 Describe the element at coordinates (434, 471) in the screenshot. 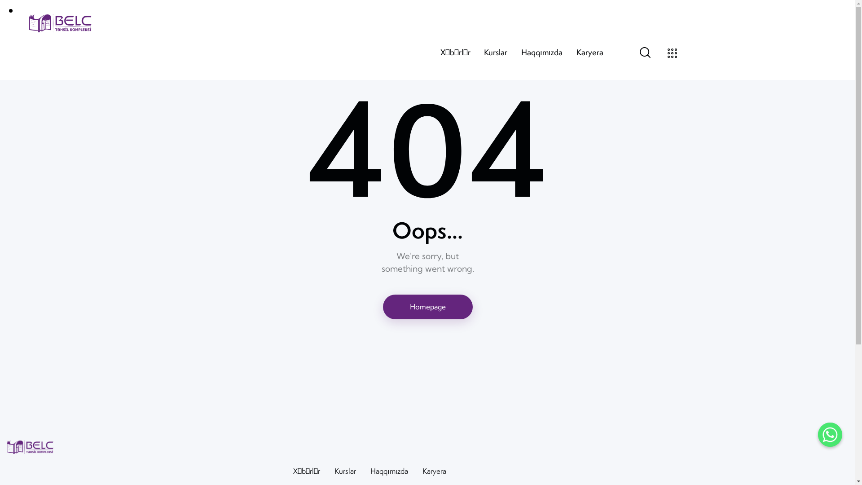

I see `'Karyera'` at that location.